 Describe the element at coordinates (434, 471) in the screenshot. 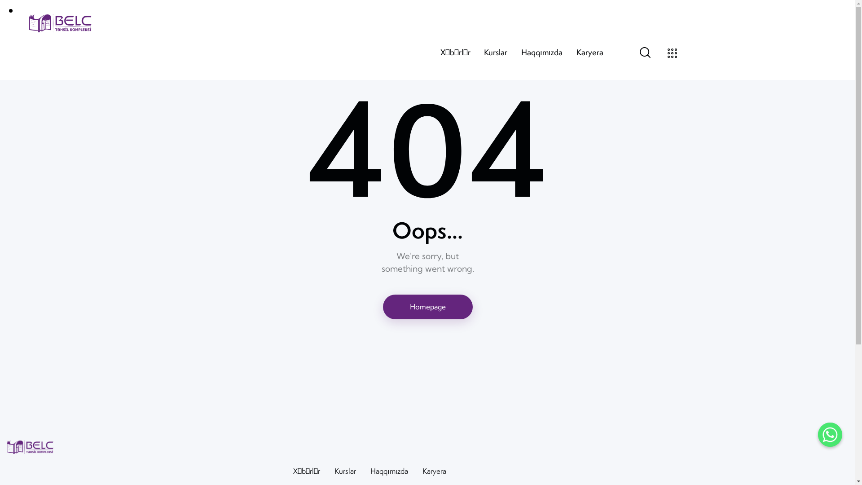

I see `'Karyera'` at that location.